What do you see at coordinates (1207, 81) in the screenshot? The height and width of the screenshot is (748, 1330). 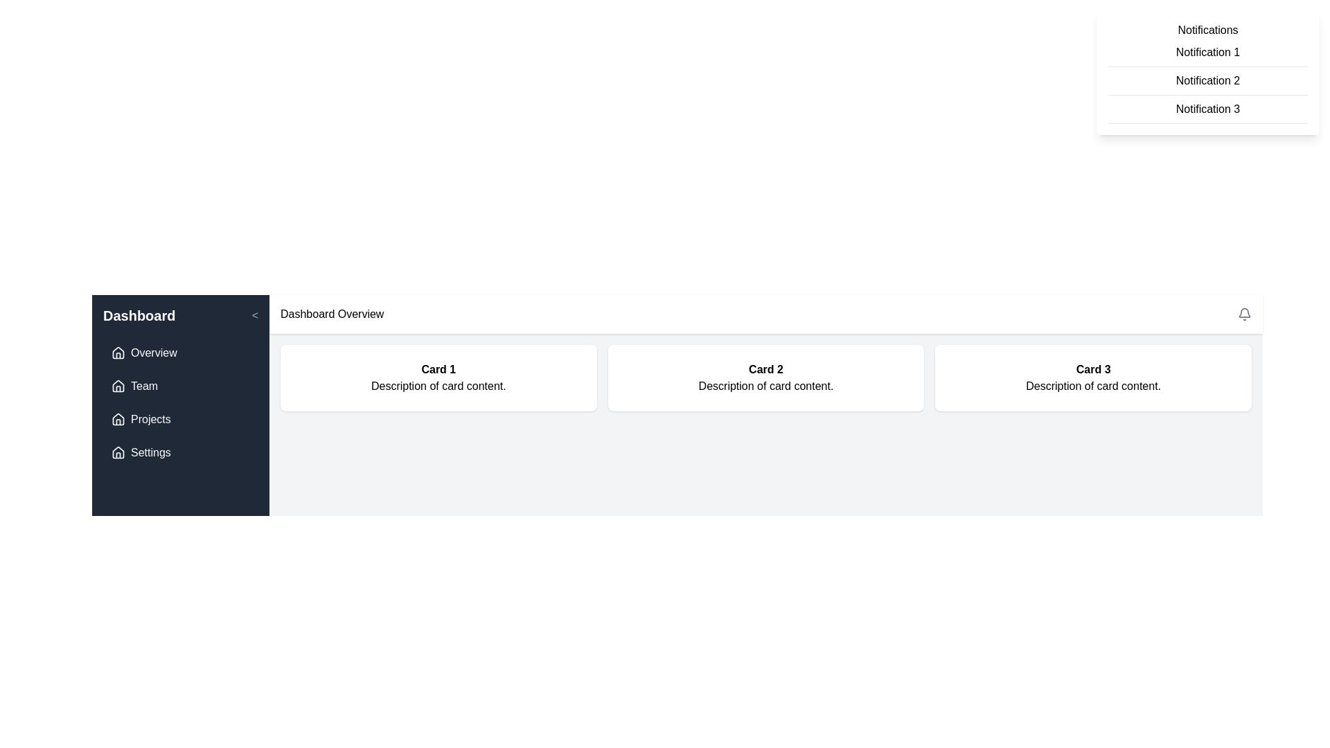 I see `the text display element that shows 'Notification 2', located in the upper-right of the interface, positioned between 'Notification 1' and 'Notification 3'` at bounding box center [1207, 81].